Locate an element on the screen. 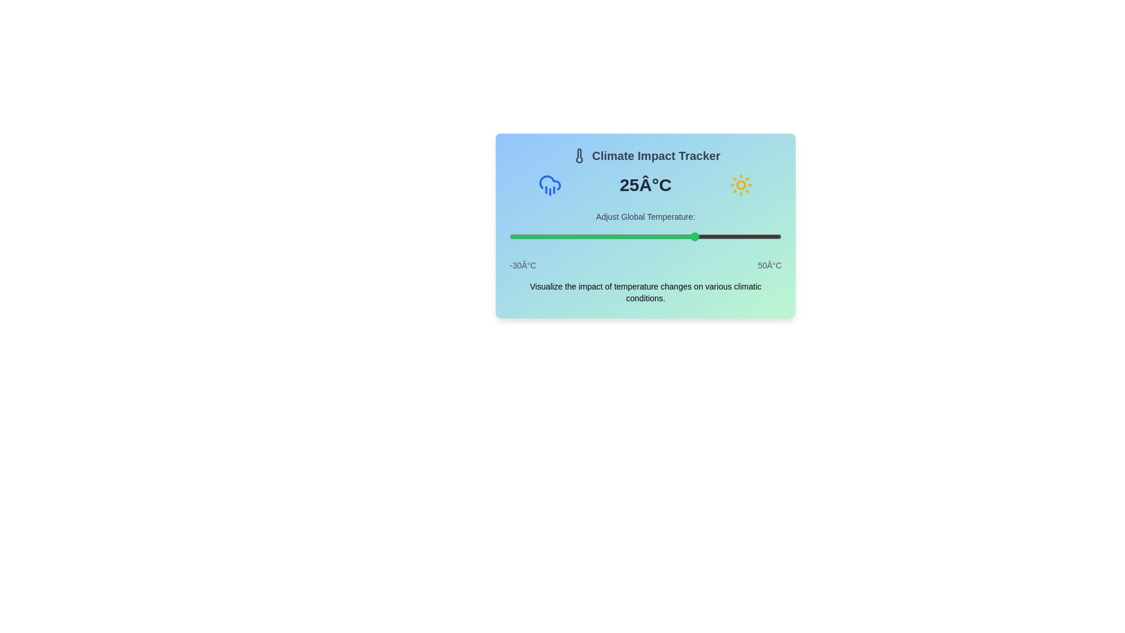 This screenshot has height=633, width=1125. the temperature slider to set the temperature to -22°C is located at coordinates (536, 237).